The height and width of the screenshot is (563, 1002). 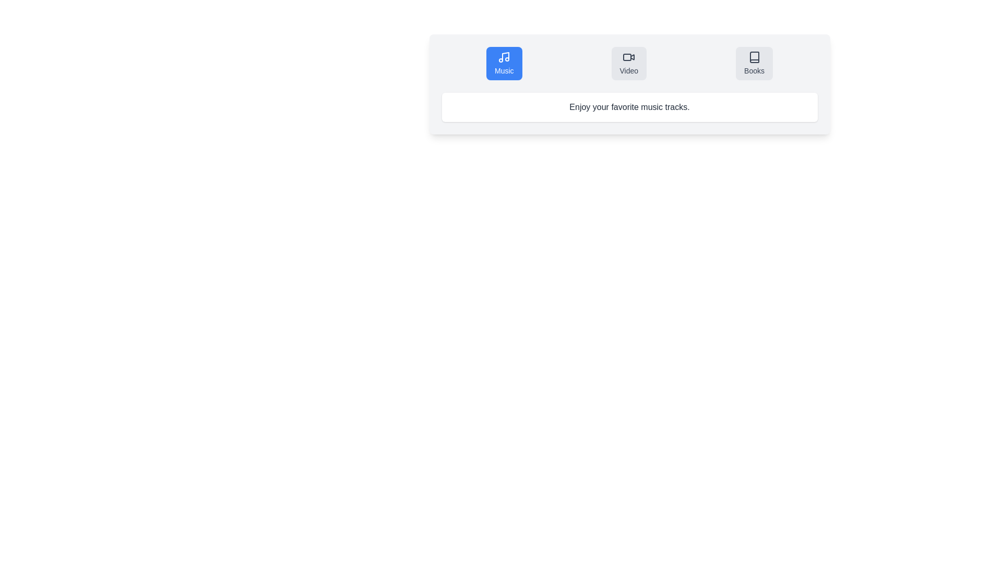 I want to click on the Text Description element located below the 'Music', 'Video', and 'Books' tabs, which provides additional information about the 'Music' tab, so click(x=629, y=107).